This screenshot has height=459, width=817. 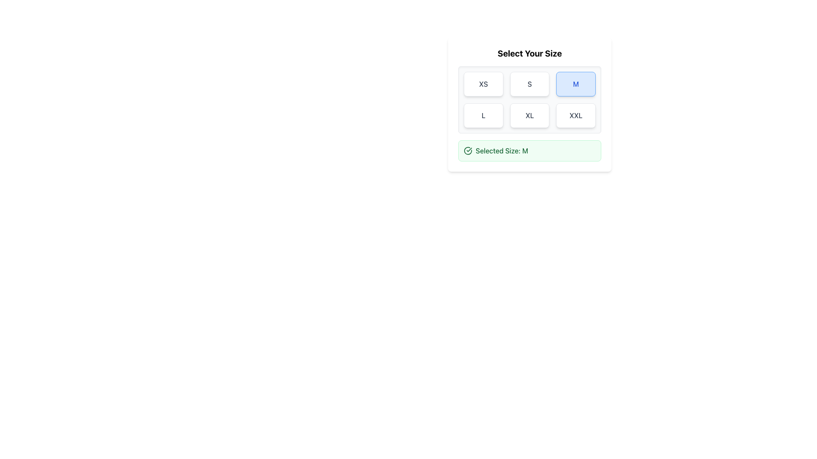 What do you see at coordinates (529, 116) in the screenshot?
I see `the rectangular button labeled 'XL' with a white background and black text` at bounding box center [529, 116].